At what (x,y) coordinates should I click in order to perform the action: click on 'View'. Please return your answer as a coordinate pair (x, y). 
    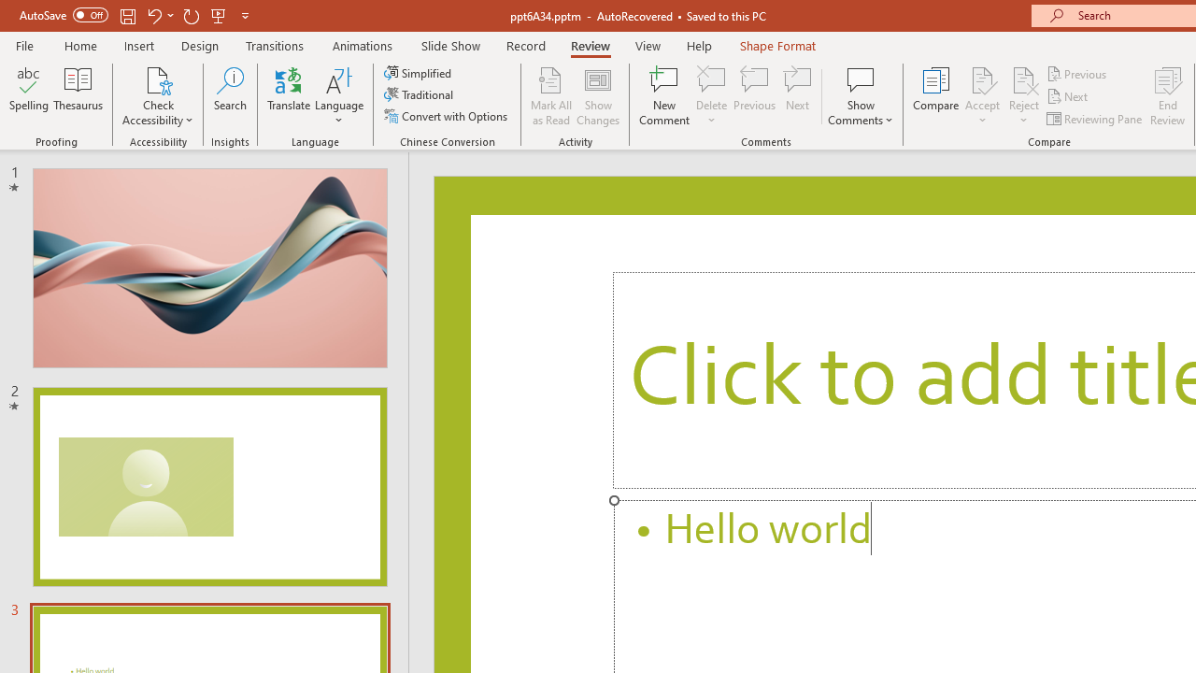
    Looking at the image, I should click on (648, 45).